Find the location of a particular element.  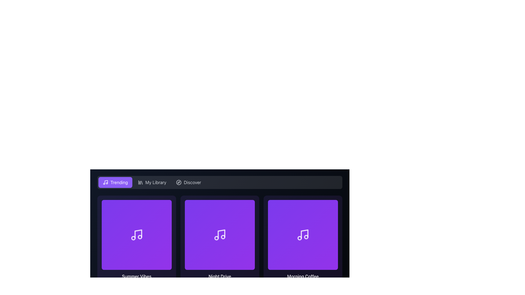

the topmost graphical line element in the SVG library icon located at the top navigation area of the interface is located at coordinates (142, 182).